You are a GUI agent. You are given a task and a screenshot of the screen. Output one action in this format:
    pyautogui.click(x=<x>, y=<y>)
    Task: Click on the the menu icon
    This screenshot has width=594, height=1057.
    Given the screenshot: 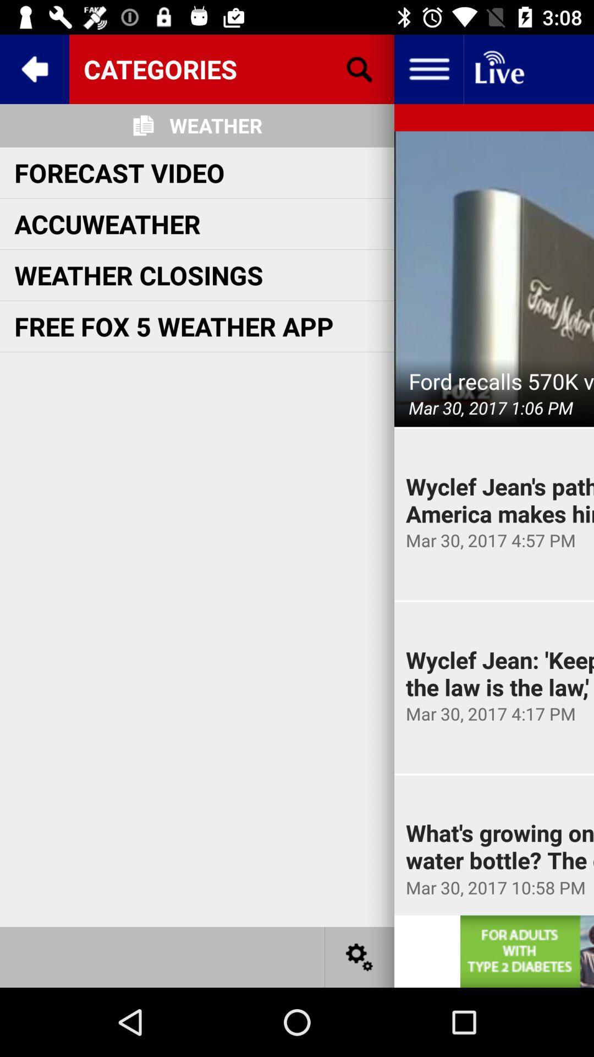 What is the action you would take?
    pyautogui.click(x=428, y=68)
    